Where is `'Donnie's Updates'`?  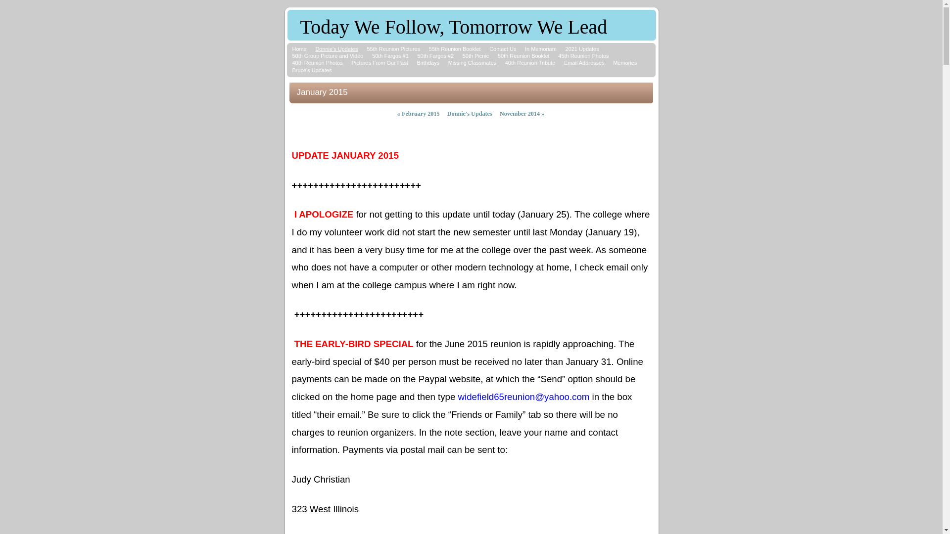 'Donnie's Updates' is located at coordinates (336, 49).